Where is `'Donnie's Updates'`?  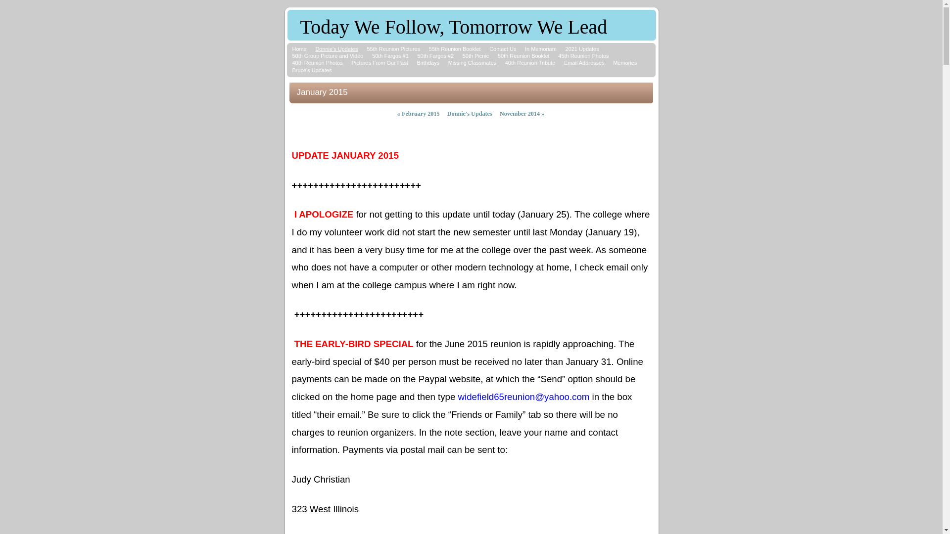 'Donnie's Updates' is located at coordinates (336, 49).